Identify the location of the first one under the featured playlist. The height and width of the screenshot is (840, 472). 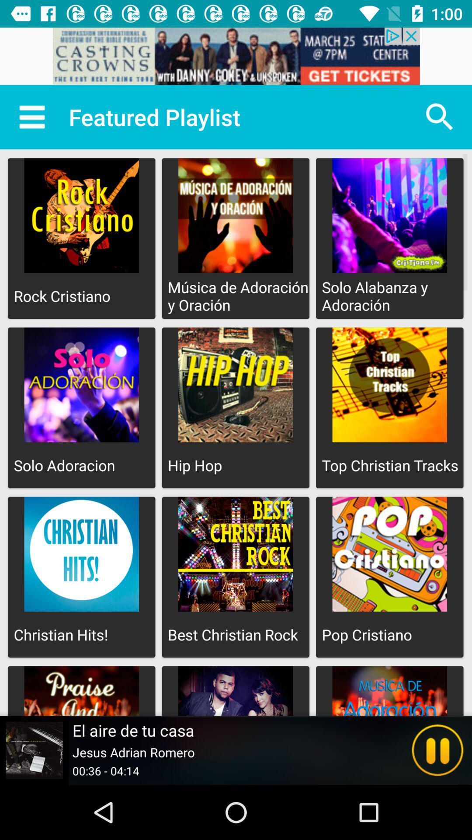
(81, 238).